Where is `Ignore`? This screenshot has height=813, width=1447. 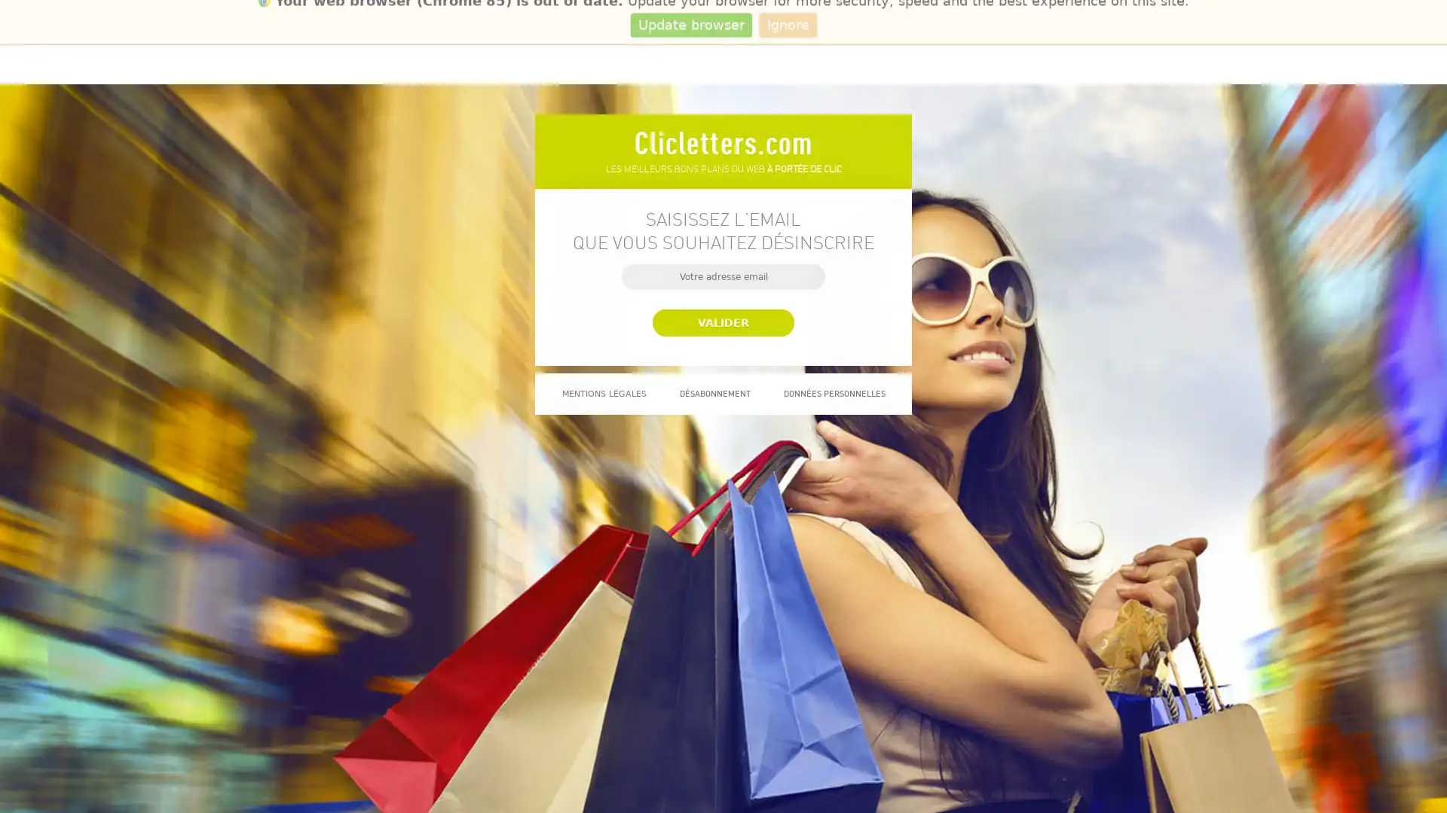 Ignore is located at coordinates (787, 41).